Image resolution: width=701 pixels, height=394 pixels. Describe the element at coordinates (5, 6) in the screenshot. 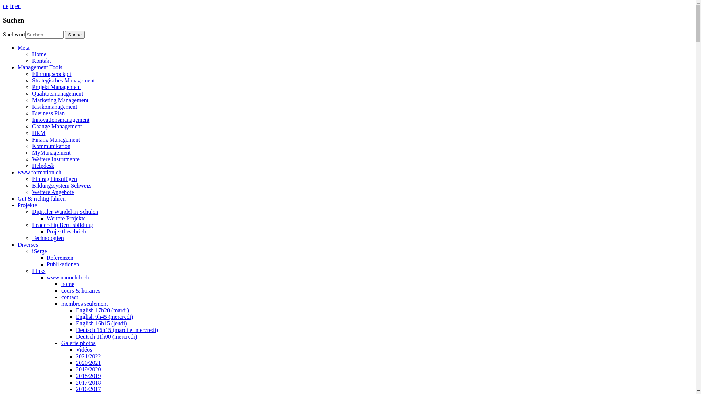

I see `'de'` at that location.